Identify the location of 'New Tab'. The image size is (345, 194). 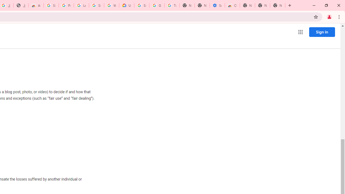
(278, 5).